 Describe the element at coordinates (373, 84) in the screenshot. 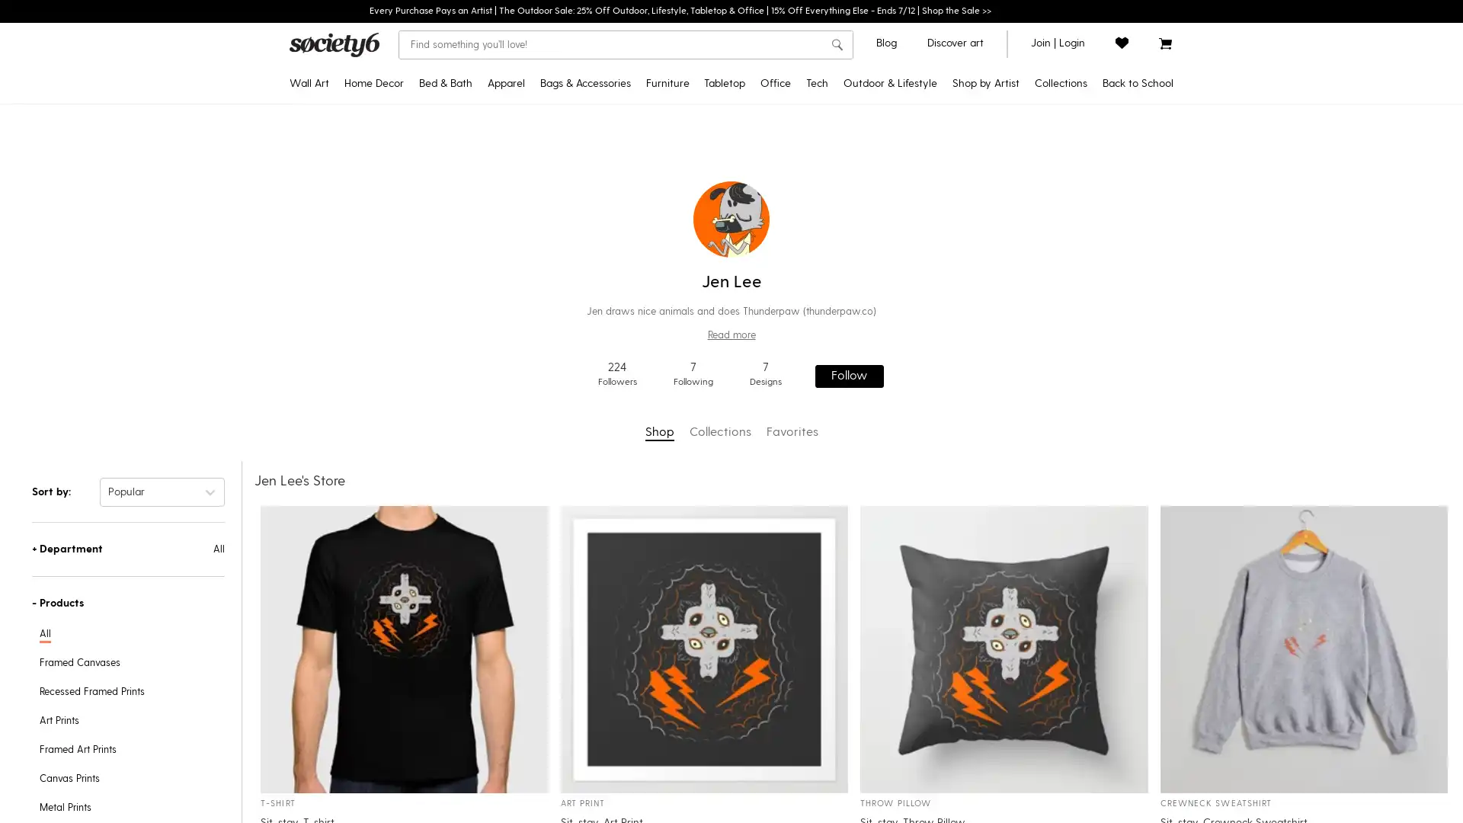

I see `Home Decor` at that location.